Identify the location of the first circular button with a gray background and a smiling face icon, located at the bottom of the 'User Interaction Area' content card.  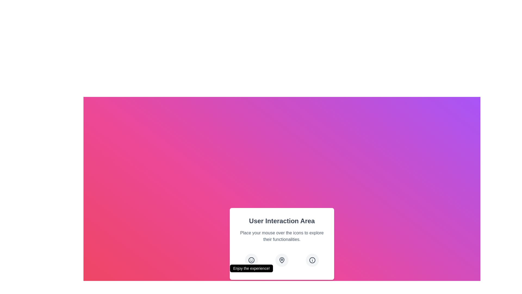
(251, 260).